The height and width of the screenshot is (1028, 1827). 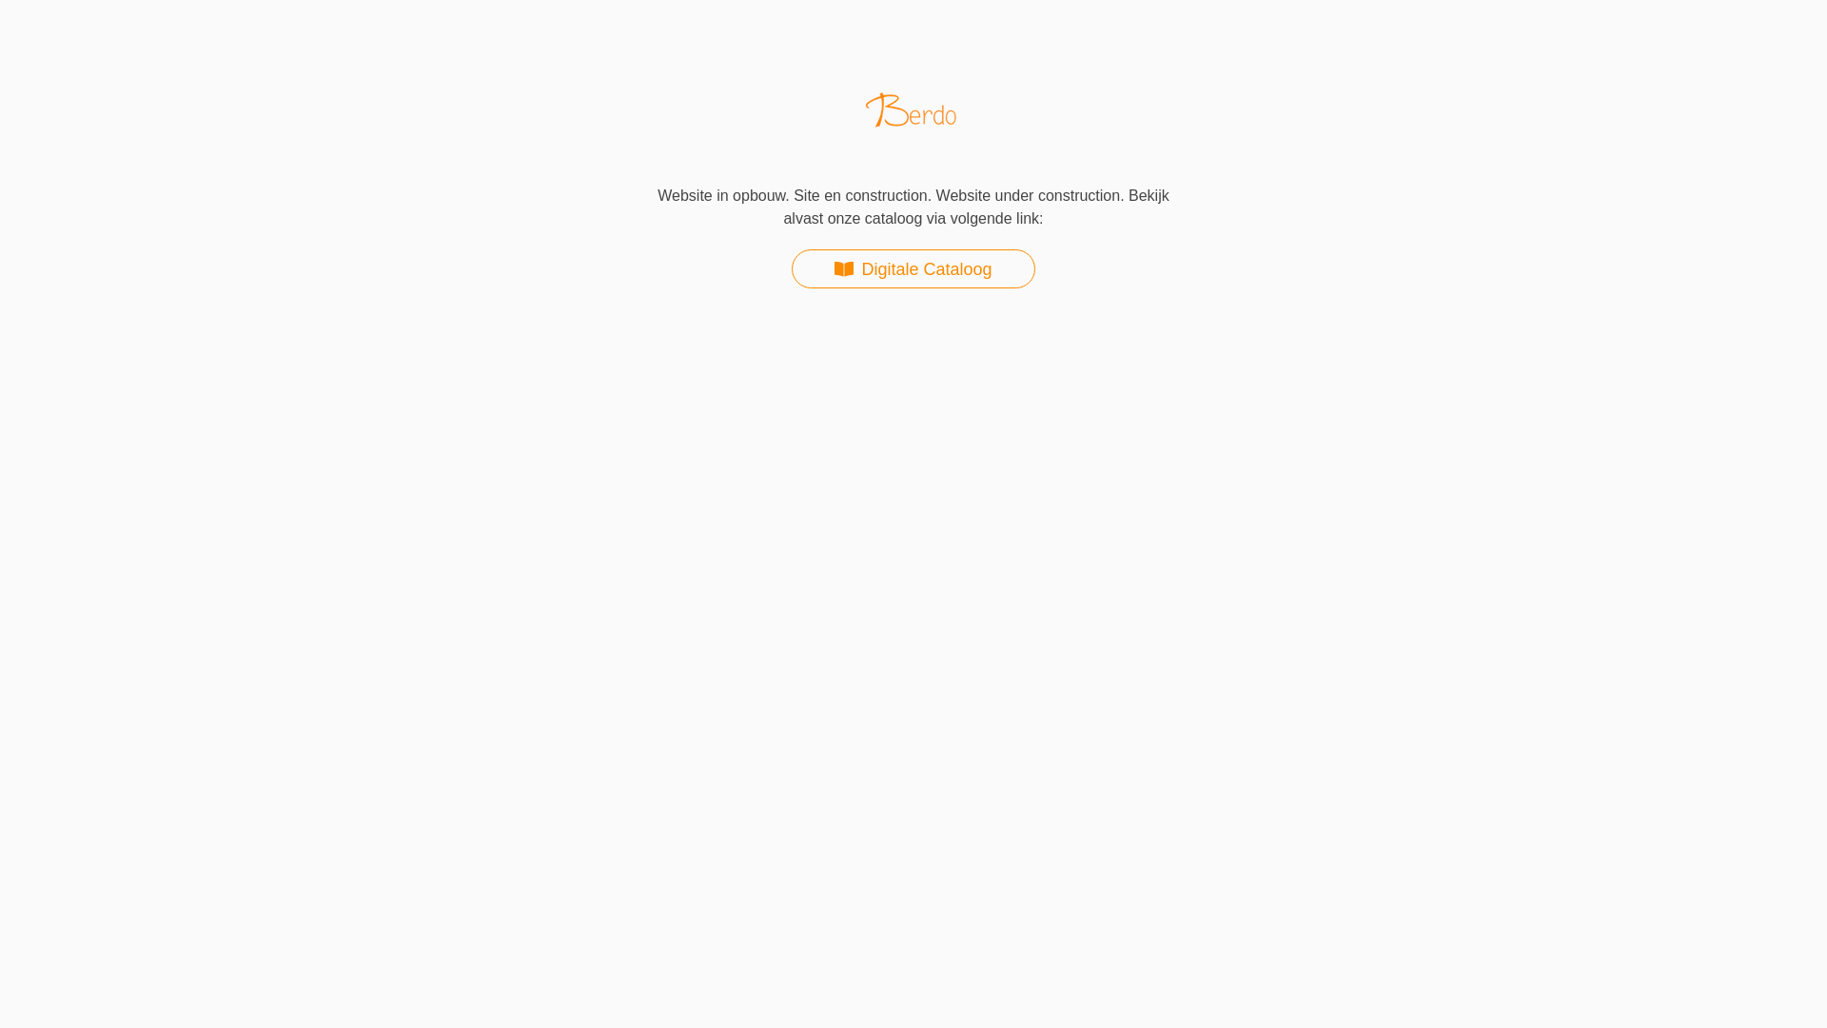 I want to click on 'Digitale Cataloog', so click(x=791, y=268).